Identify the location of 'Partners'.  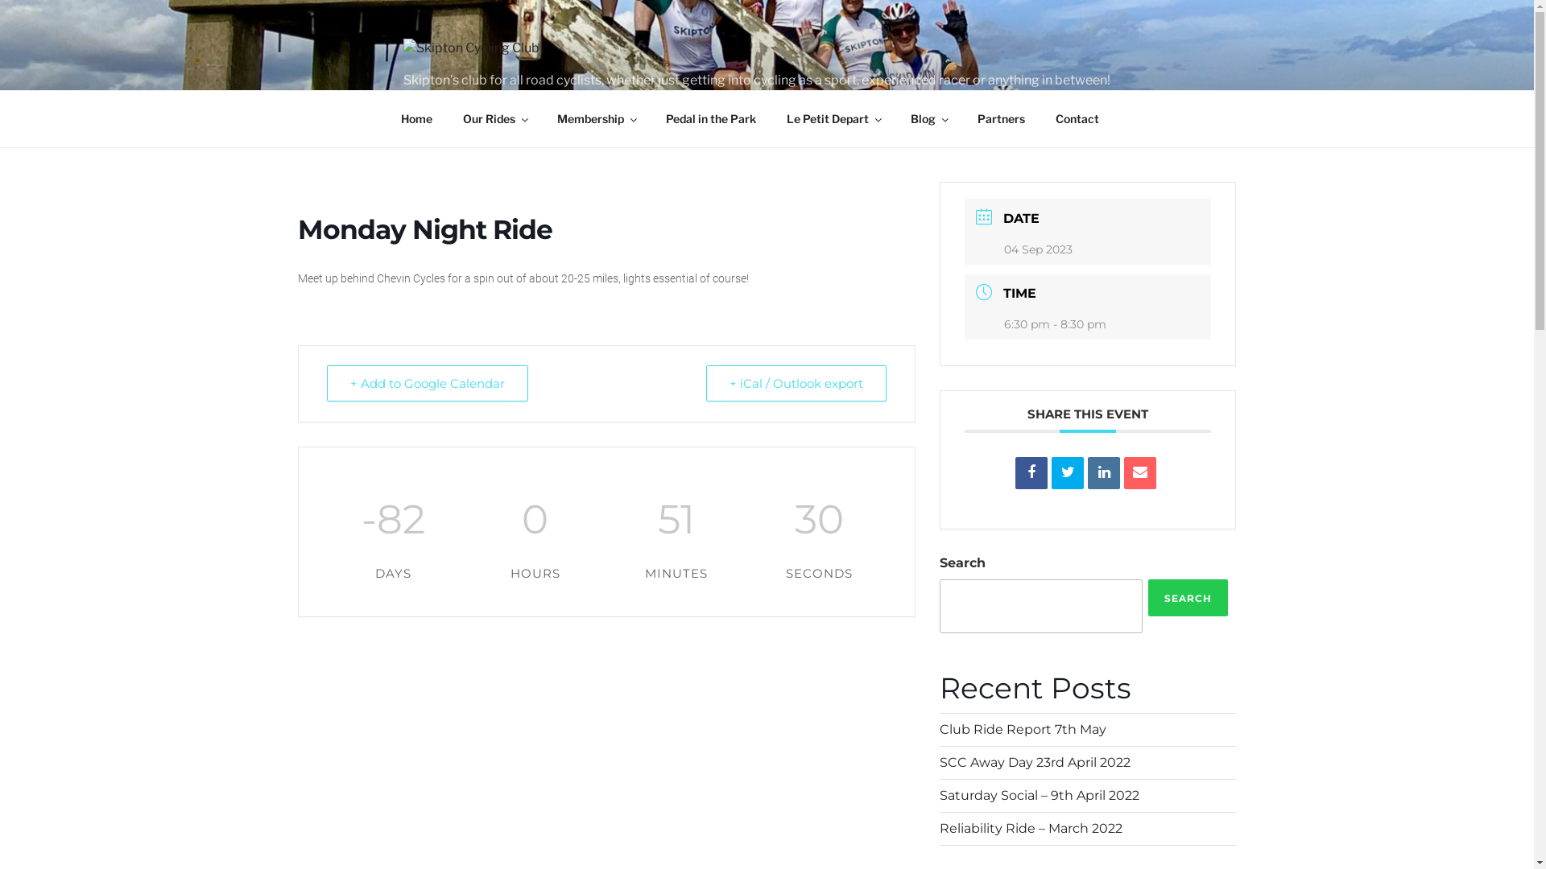
(1000, 117).